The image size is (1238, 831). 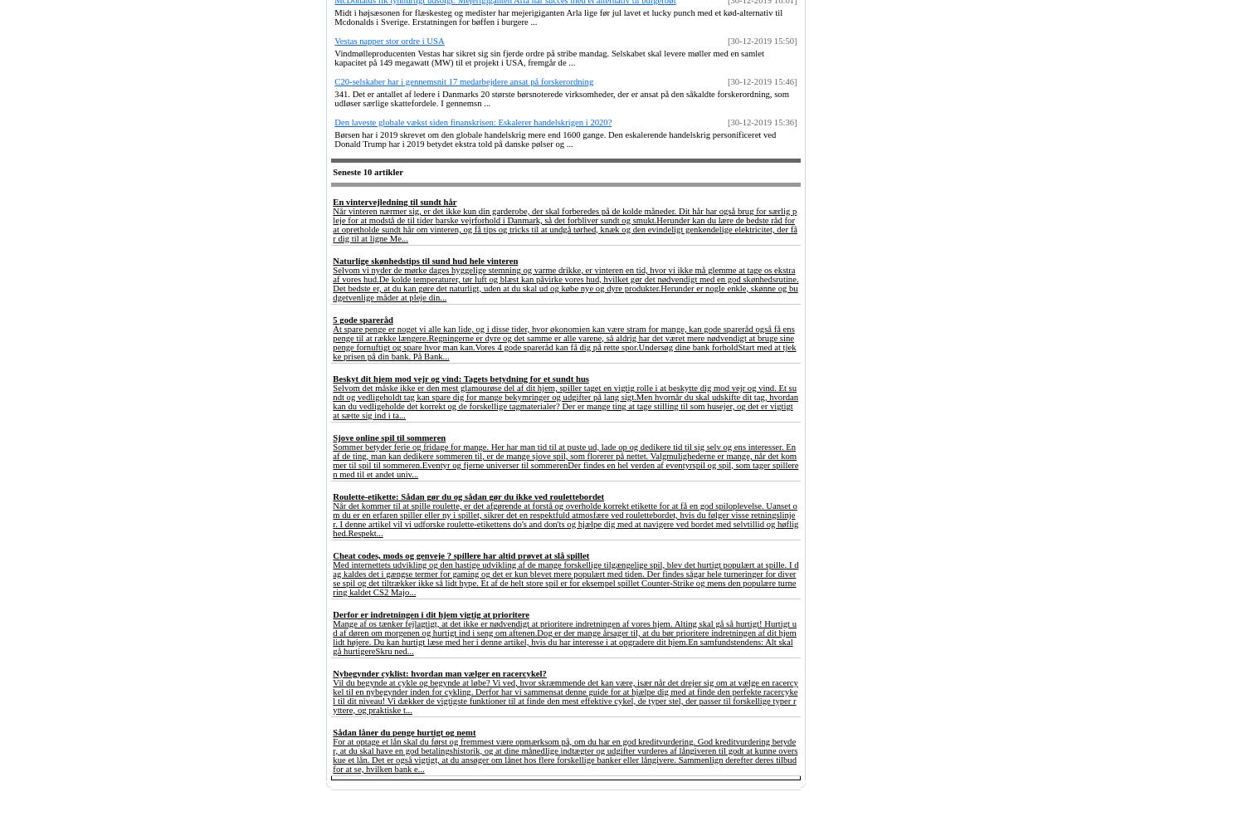 What do you see at coordinates (333, 17) in the screenshot?
I see `'Midt i højsæsonen for flæskesteg og medister har mejerigiganten Arla lige før jul lavet et lucky punch med et kød-alternativ til Mcdonalds i Sverige.
Erstatningen for bøffen i burgere ...'` at bounding box center [333, 17].